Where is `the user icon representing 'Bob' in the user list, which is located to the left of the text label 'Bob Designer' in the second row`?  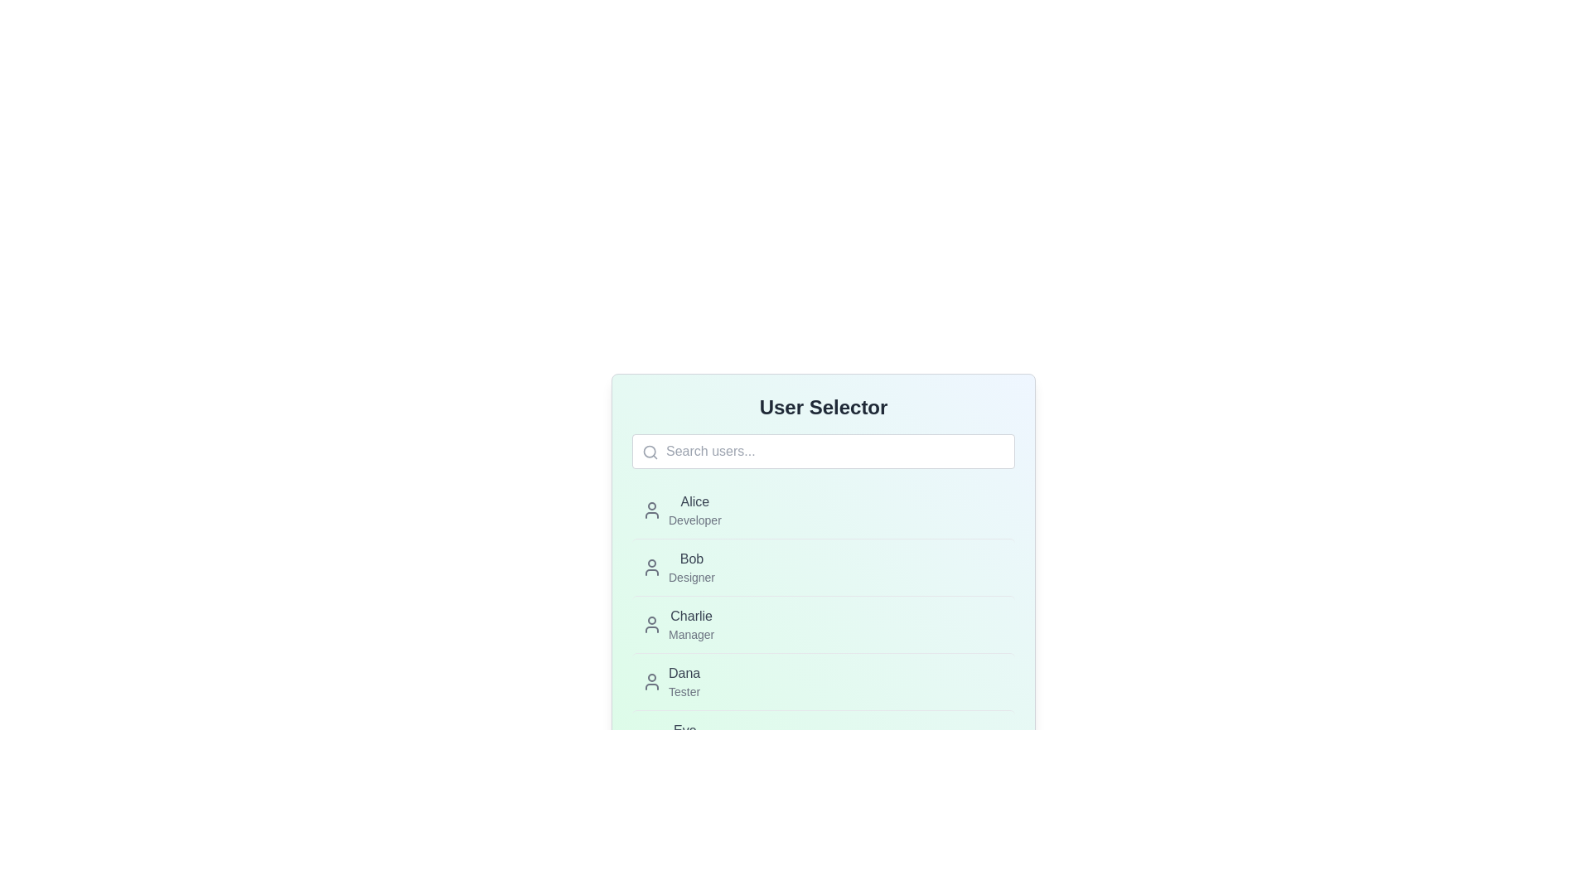 the user icon representing 'Bob' in the user list, which is located to the left of the text label 'Bob Designer' in the second row is located at coordinates (651, 567).